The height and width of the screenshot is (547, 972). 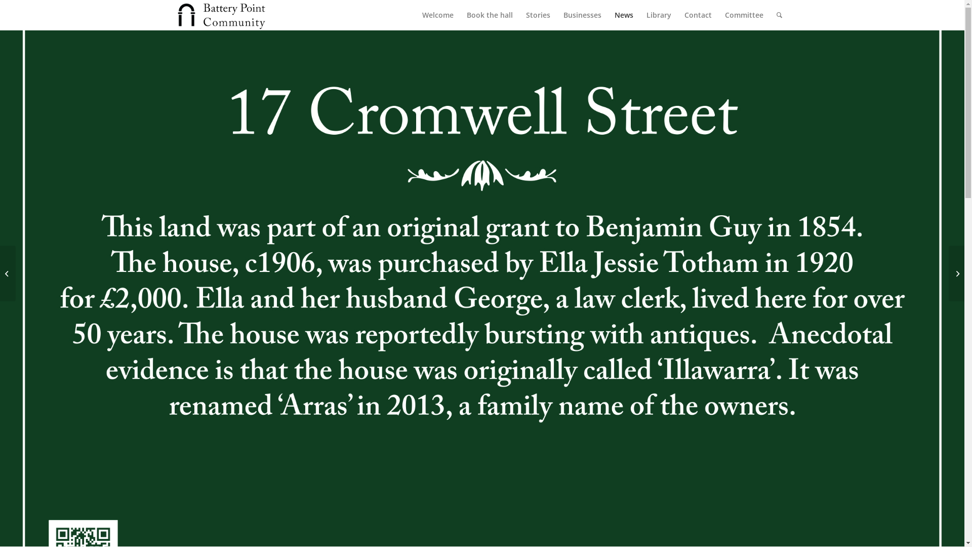 I want to click on 'Businesses', so click(x=556, y=15).